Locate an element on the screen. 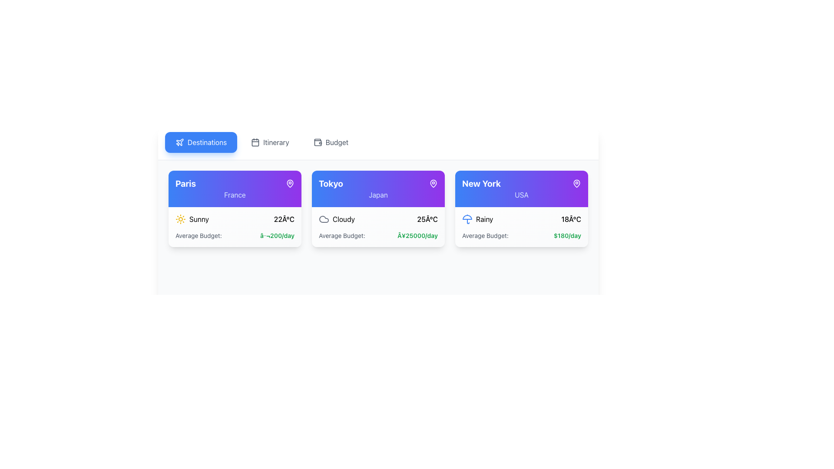 The image size is (834, 469). the static text label displaying the name of the destination city 'Paris', located at the top-left corner of the first card in a horizontal list of destination cards with a gradient background is located at coordinates (185, 183).